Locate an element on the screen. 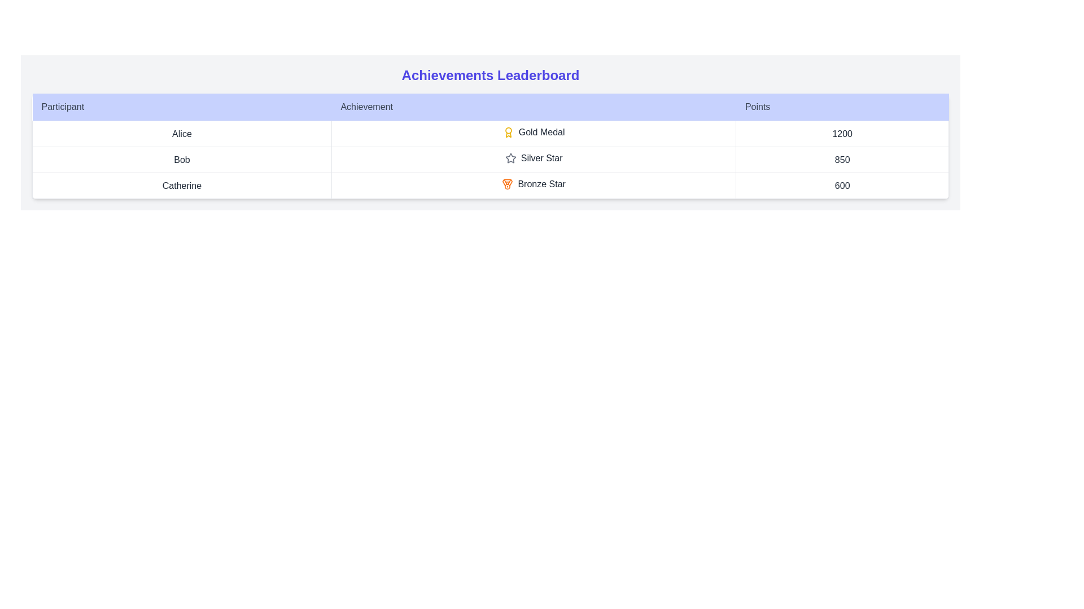  the yellow medal icon representing an award for participant 'Alice' in the 'Achievements Leaderboard' table is located at coordinates (508, 132).